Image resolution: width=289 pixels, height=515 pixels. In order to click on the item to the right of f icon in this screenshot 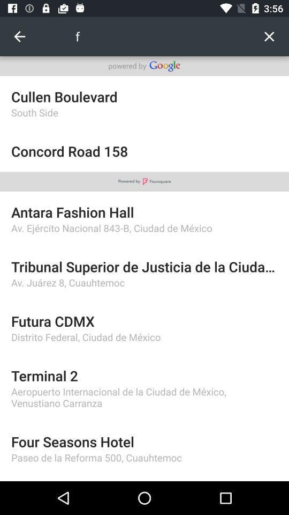, I will do `click(269, 36)`.